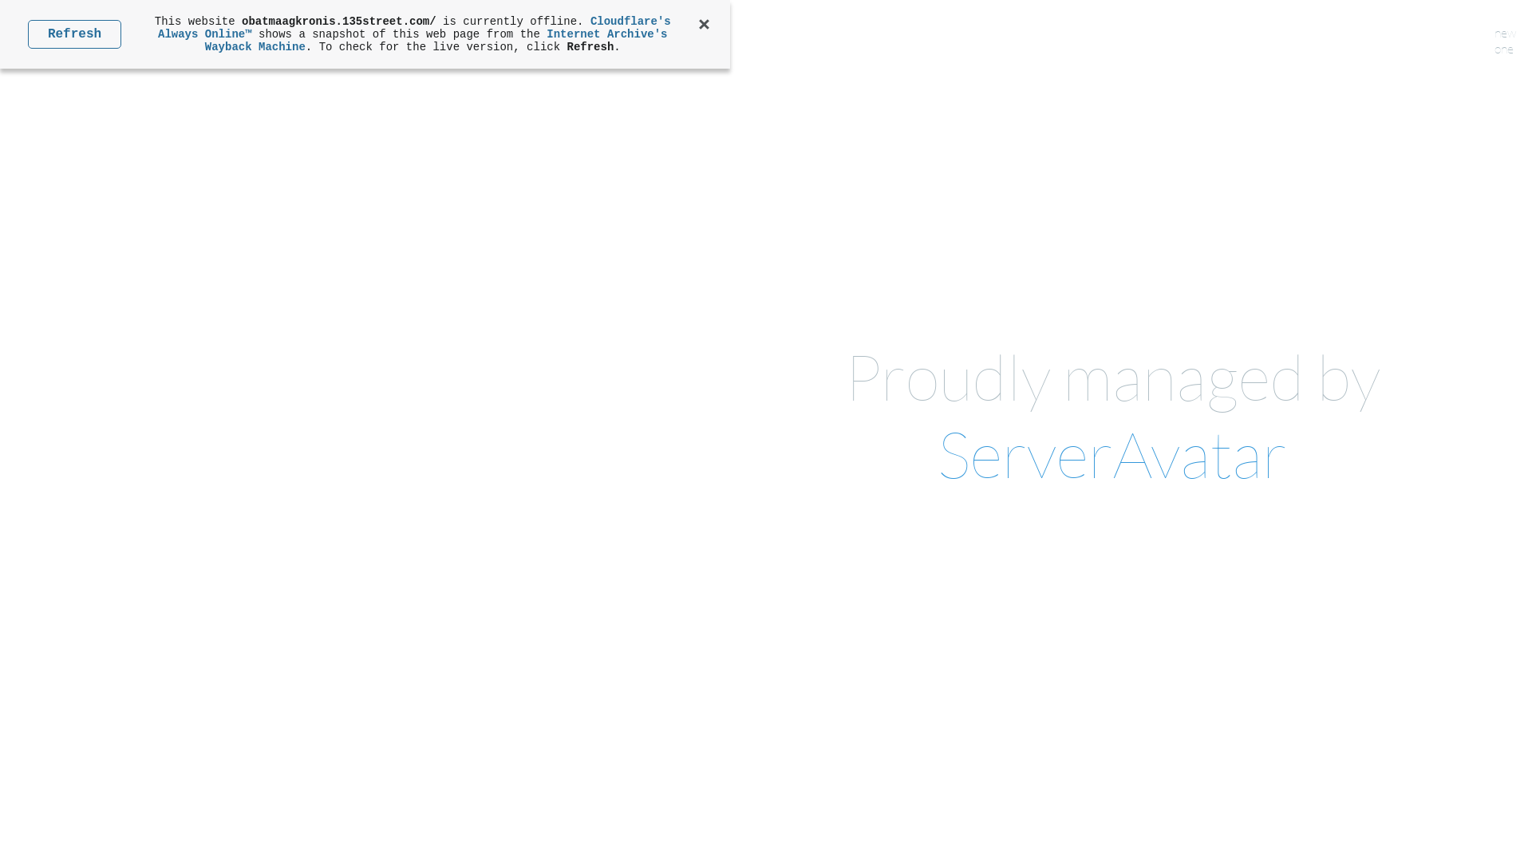  What do you see at coordinates (1111, 453) in the screenshot?
I see `'ServerAvatar'` at bounding box center [1111, 453].